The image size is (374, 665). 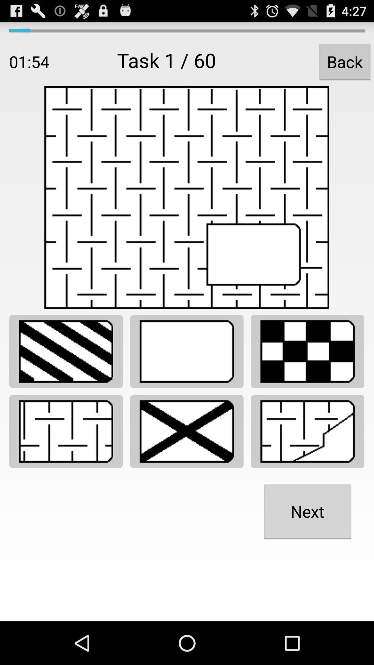 What do you see at coordinates (345, 62) in the screenshot?
I see `app next to task 1 / 60 item` at bounding box center [345, 62].